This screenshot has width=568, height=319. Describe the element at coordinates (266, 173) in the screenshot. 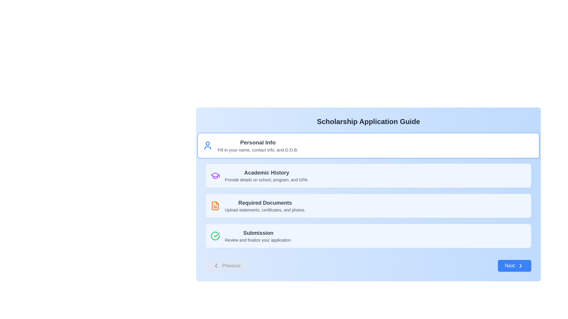

I see `the 'Academic History' static text header, which serves as the title for the section, located between 'Personal Info' and its descriptive subtitle` at that location.